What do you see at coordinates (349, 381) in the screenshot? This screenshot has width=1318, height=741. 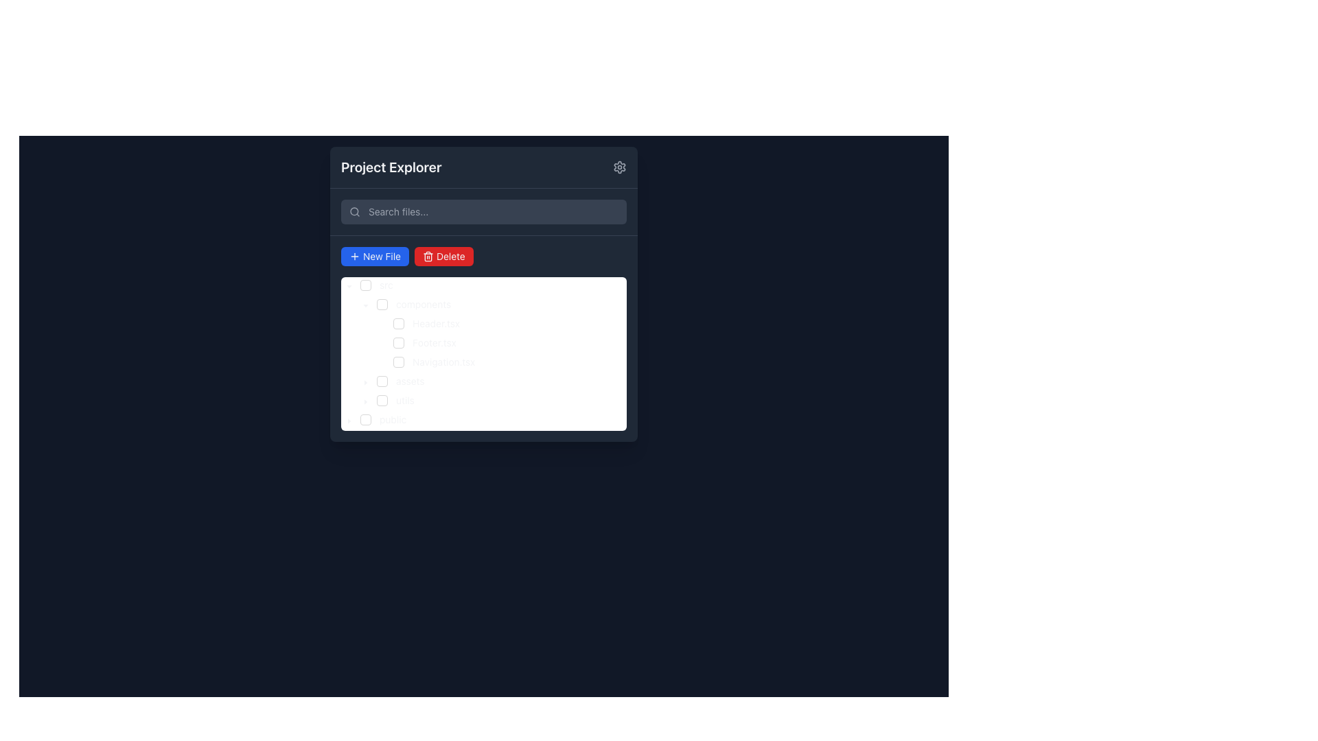 I see `the visual indentation mechanism element located to the left of the 'assets' entry in the tree view` at bounding box center [349, 381].